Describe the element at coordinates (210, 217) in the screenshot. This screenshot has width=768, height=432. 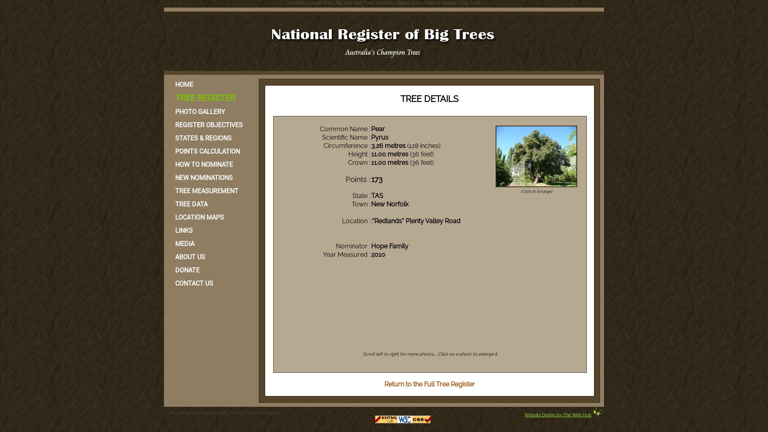
I see `'LOCATION MAPS'` at that location.